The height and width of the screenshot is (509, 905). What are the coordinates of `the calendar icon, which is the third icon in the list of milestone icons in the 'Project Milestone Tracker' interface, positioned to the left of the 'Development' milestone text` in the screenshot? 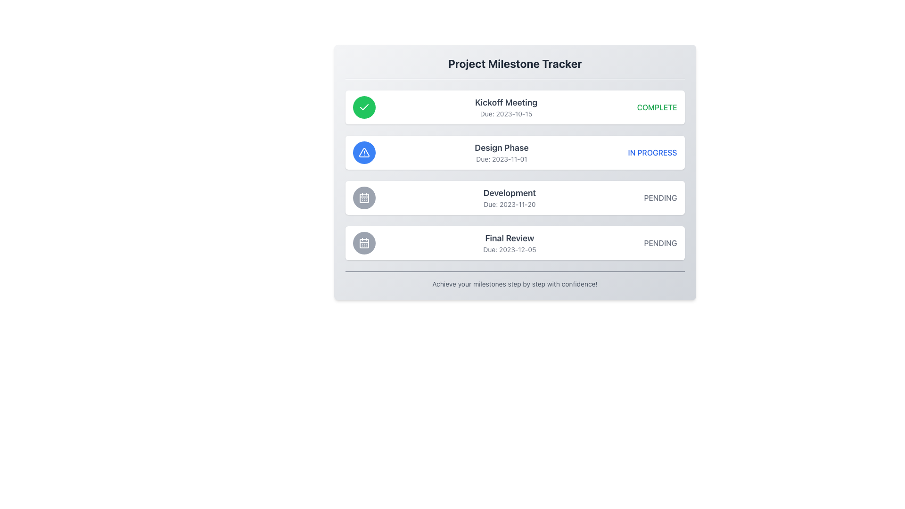 It's located at (363, 197).